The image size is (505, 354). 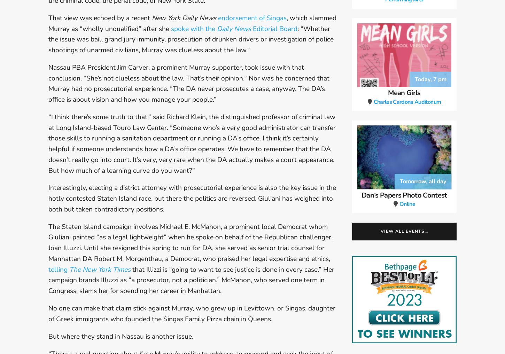 What do you see at coordinates (59, 269) in the screenshot?
I see `'telling'` at bounding box center [59, 269].